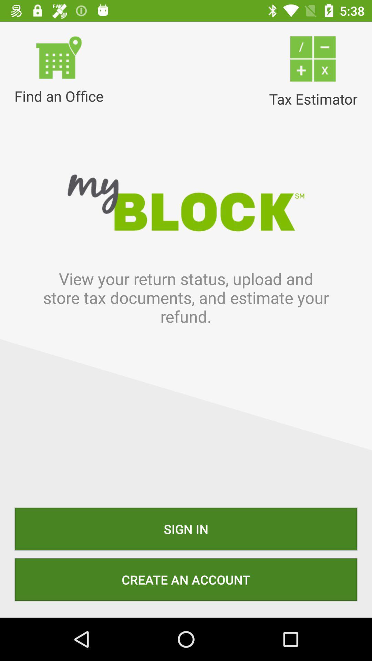 Image resolution: width=372 pixels, height=661 pixels. Describe the element at coordinates (186, 579) in the screenshot. I see `item below the sign in` at that location.